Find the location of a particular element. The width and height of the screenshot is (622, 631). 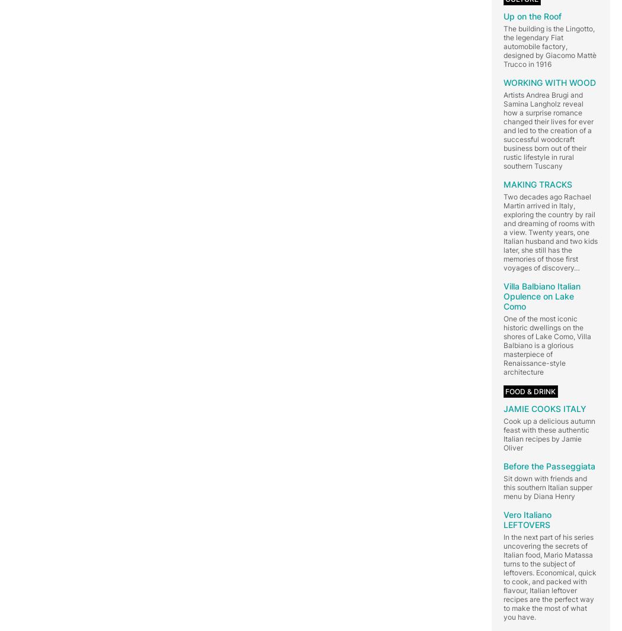

'Villa Balbiano Italian Opulence on Lake Como' is located at coordinates (541, 295).